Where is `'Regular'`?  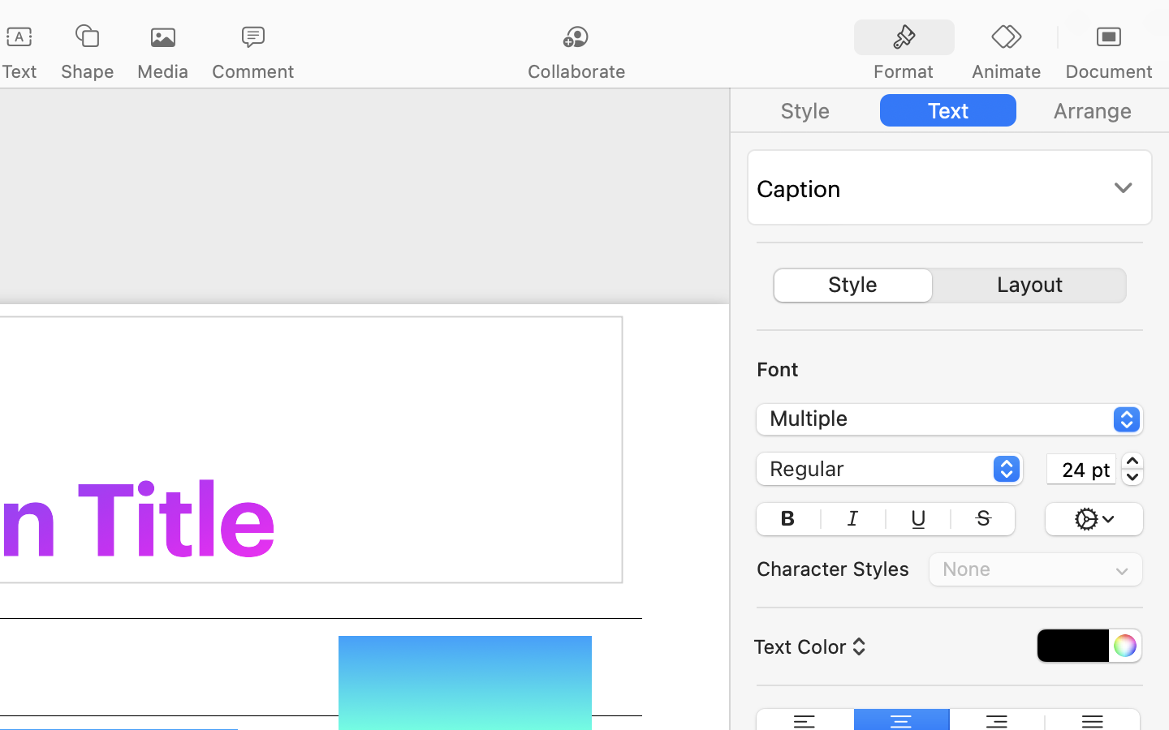
'Regular' is located at coordinates (889, 471).